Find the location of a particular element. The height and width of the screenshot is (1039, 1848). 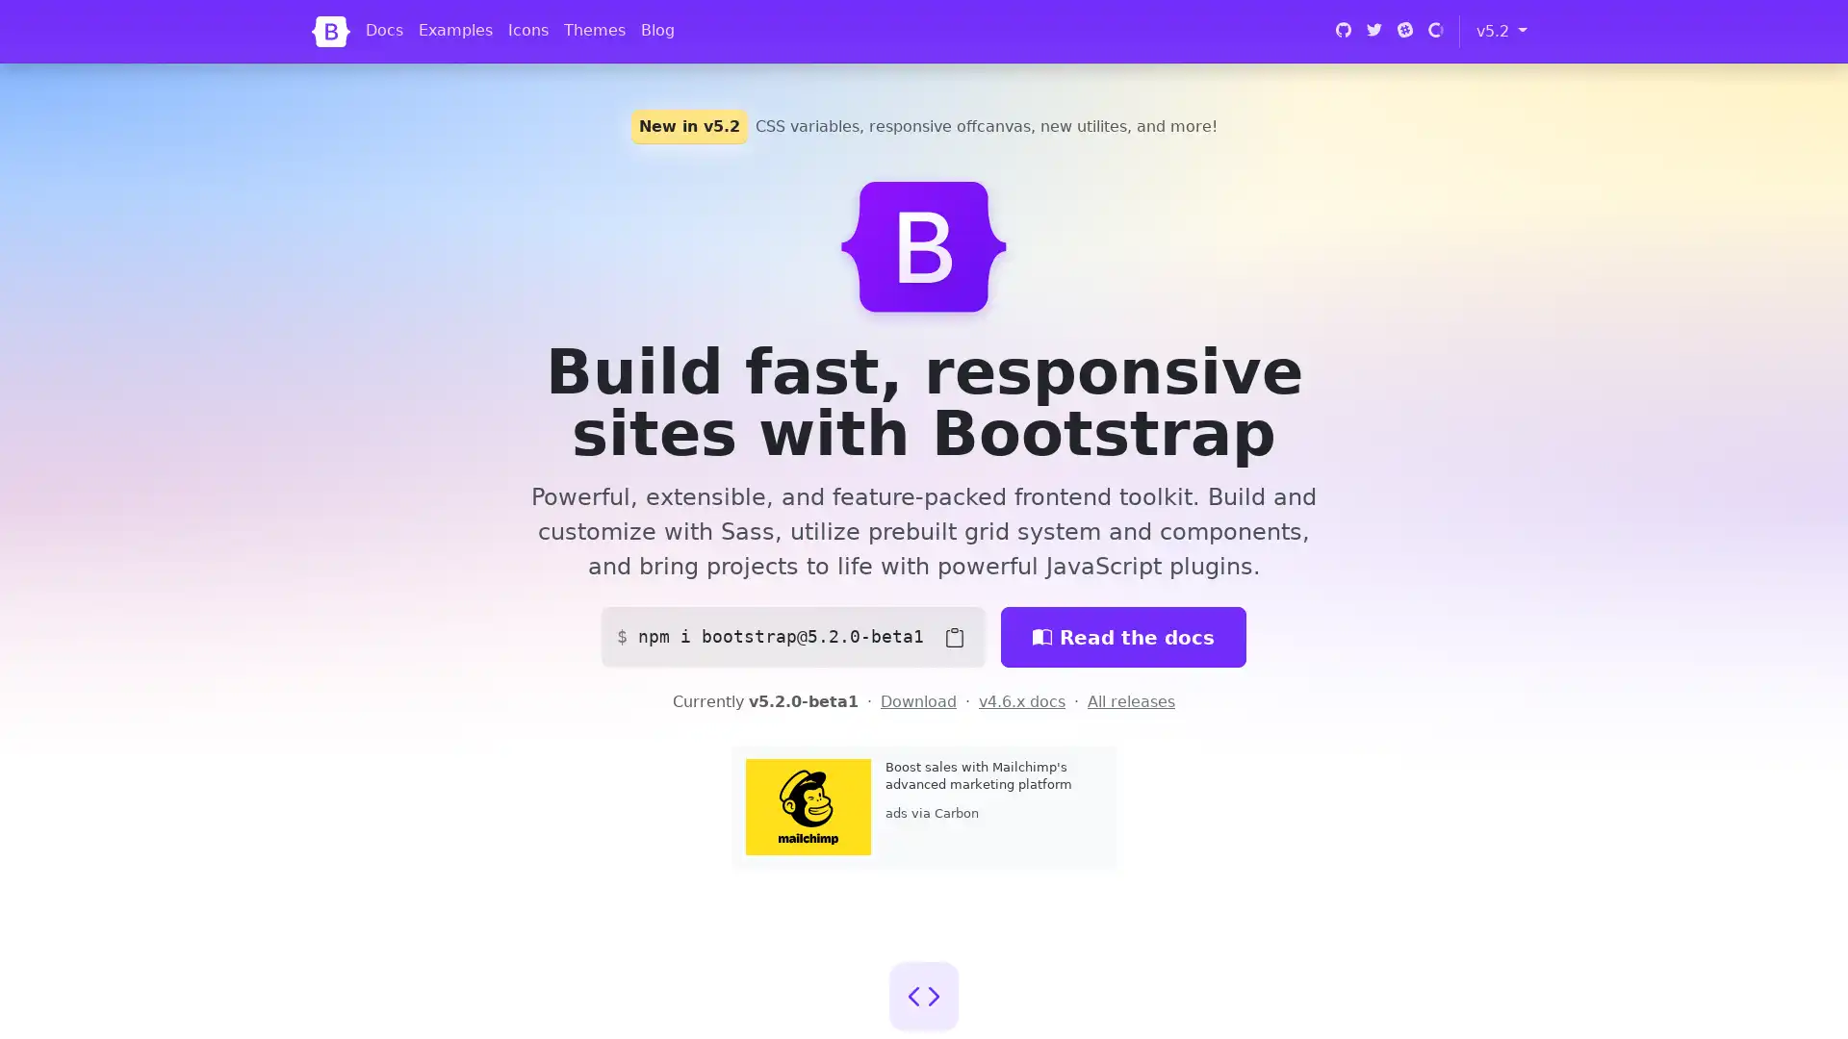

v5.2 is located at coordinates (1501, 32).